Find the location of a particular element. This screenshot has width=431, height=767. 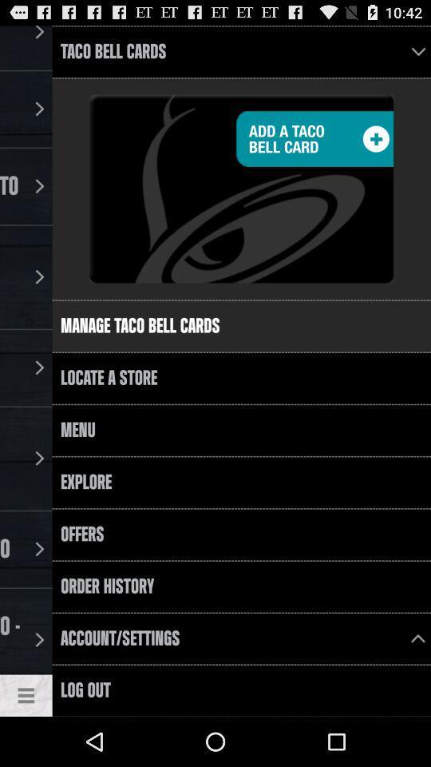

the menu icon is located at coordinates (25, 744).